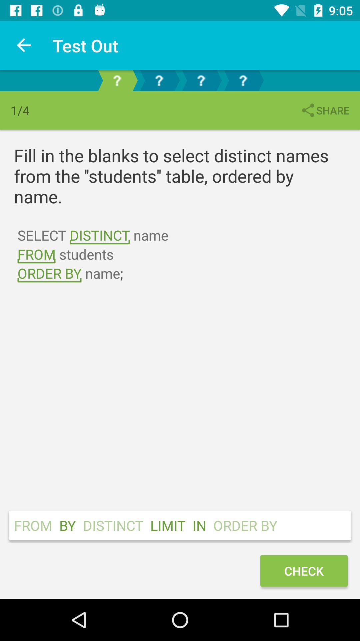 This screenshot has width=360, height=641. What do you see at coordinates (304, 570) in the screenshot?
I see `the check icon` at bounding box center [304, 570].